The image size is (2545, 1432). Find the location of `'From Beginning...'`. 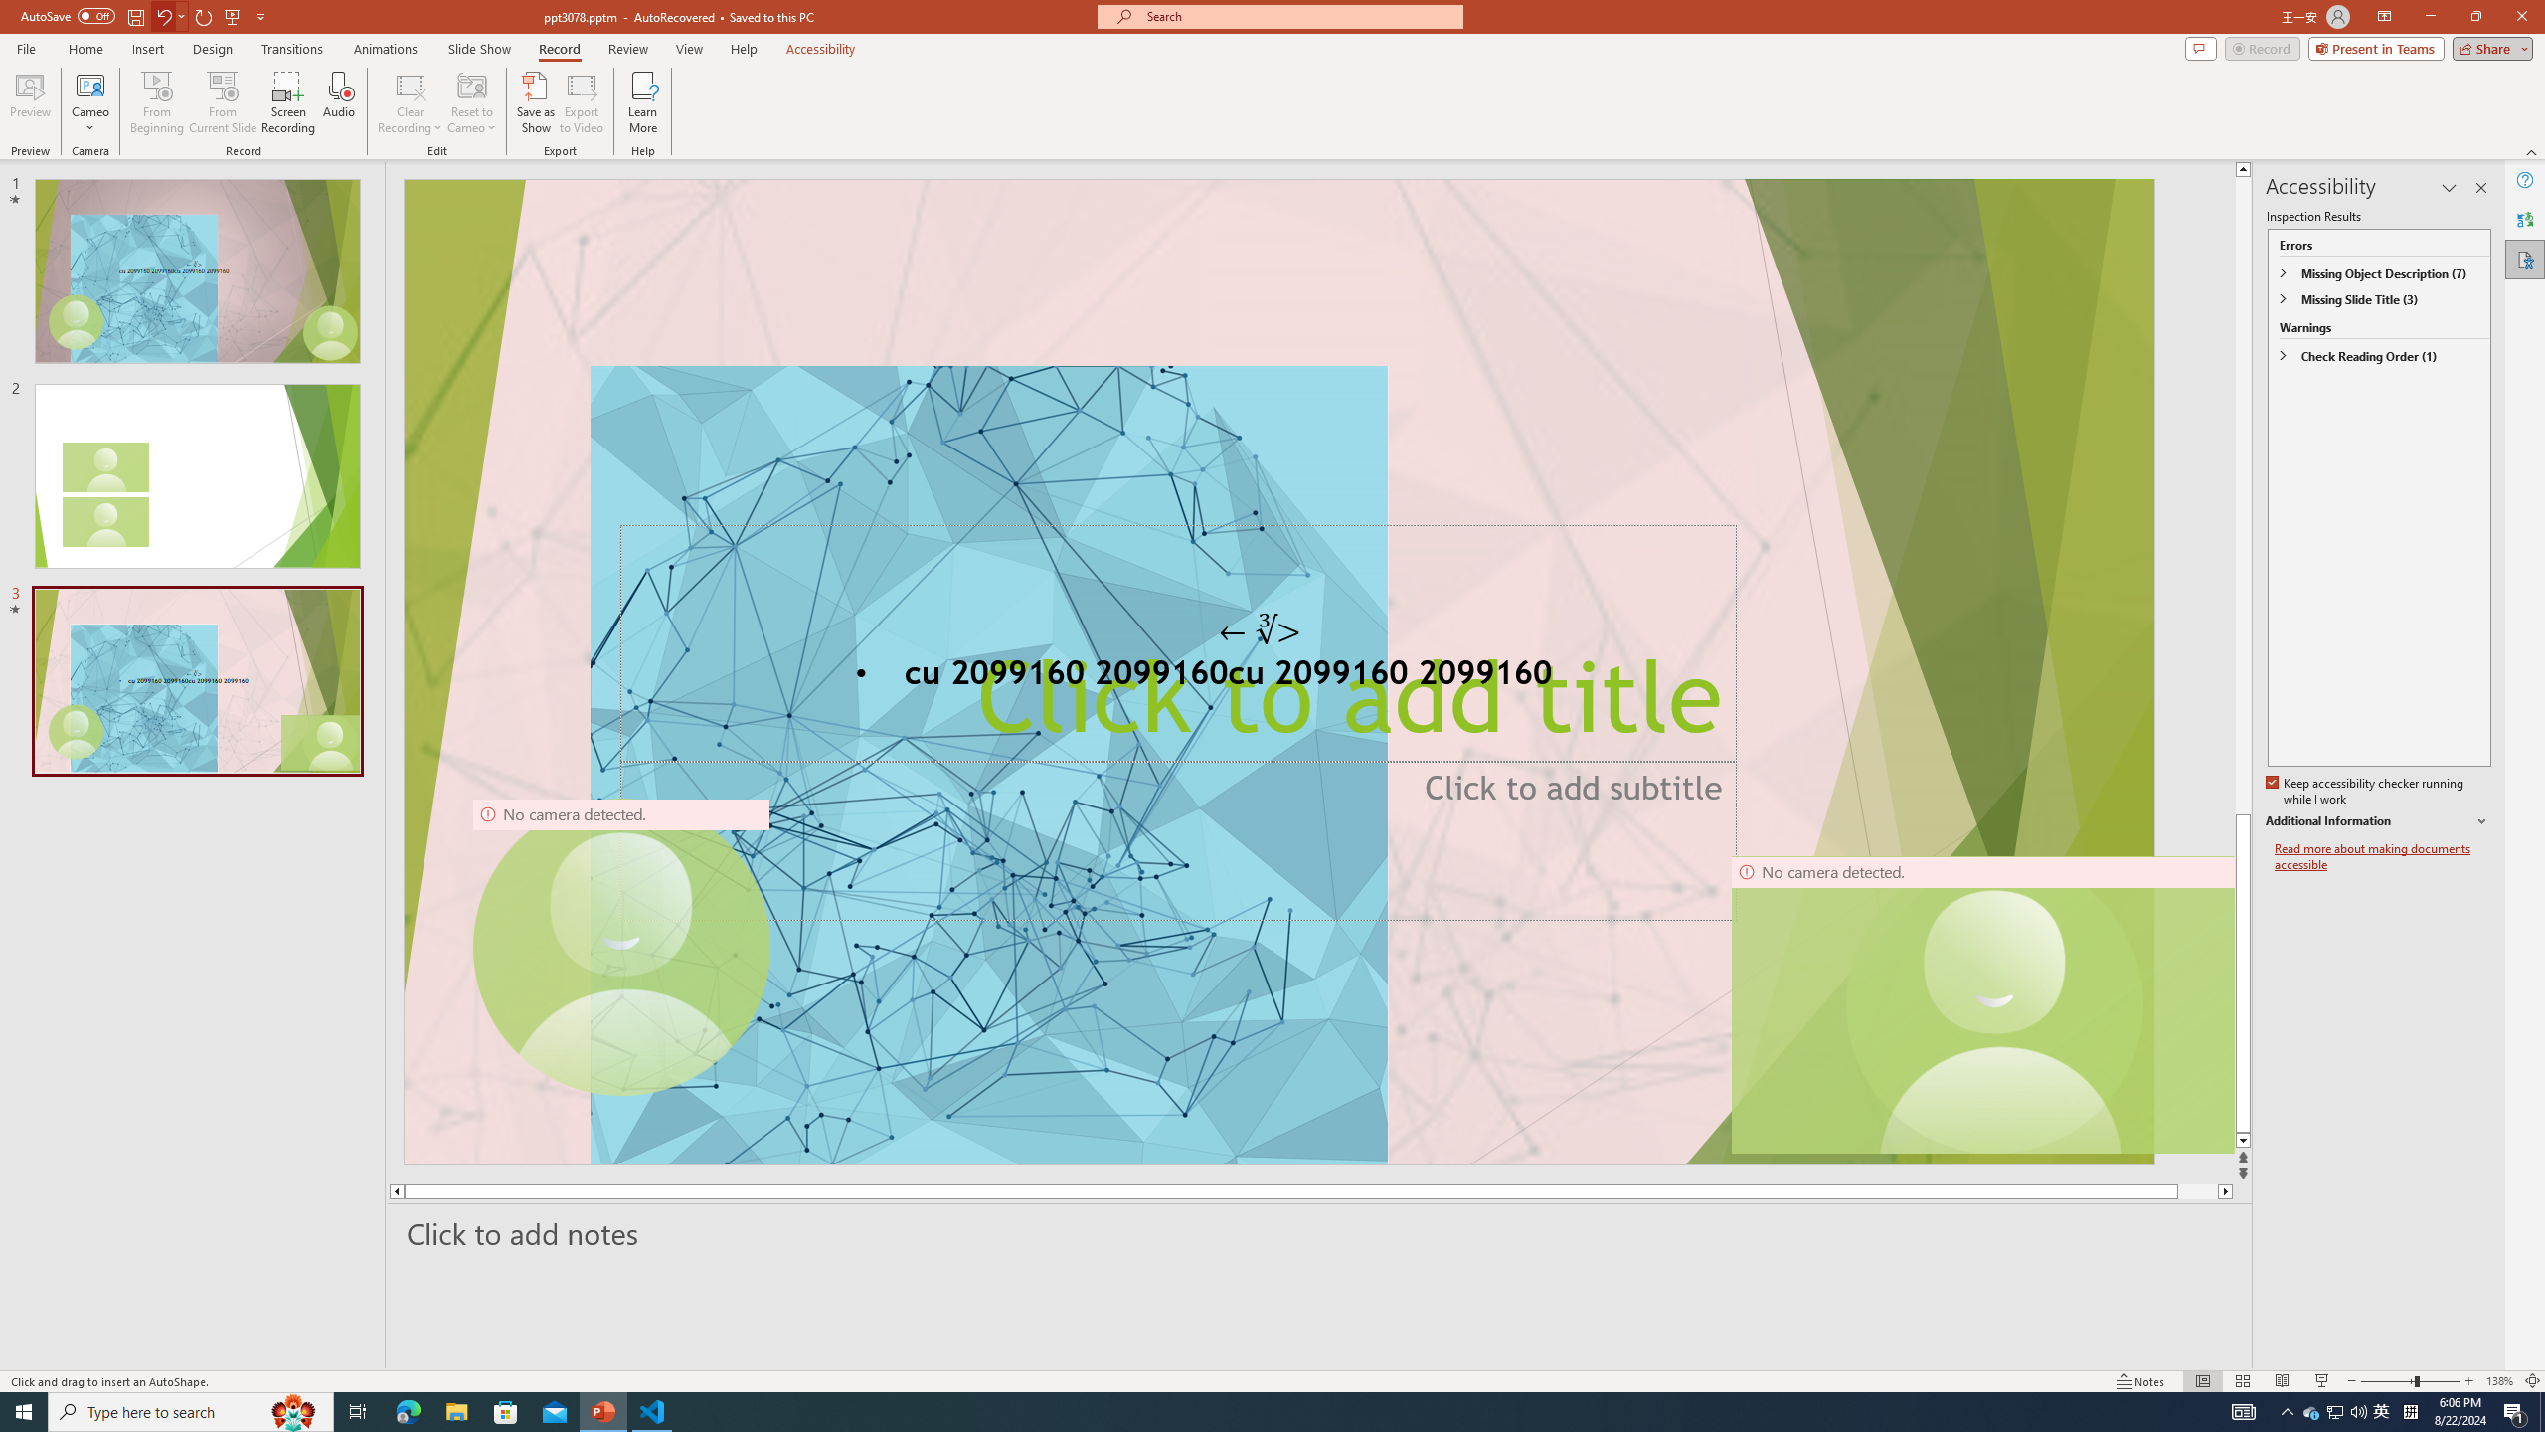

'From Beginning...' is located at coordinates (155, 102).